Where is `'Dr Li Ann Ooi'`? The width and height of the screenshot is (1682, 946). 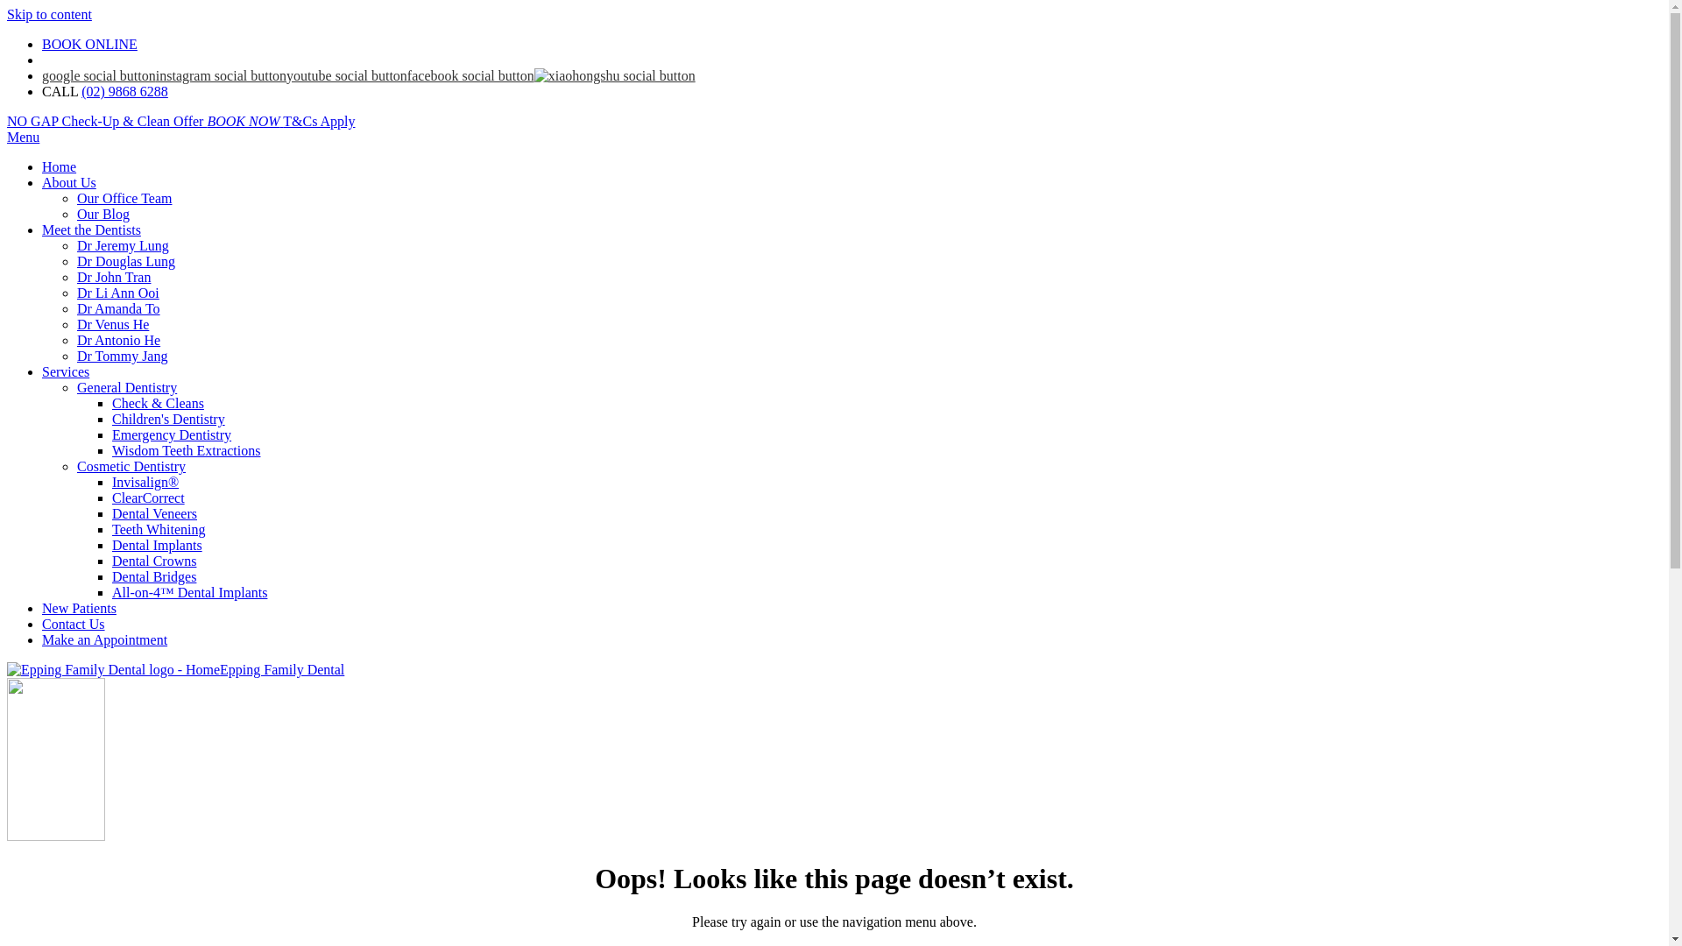
'Dr Li Ann Ooi' is located at coordinates (75, 292).